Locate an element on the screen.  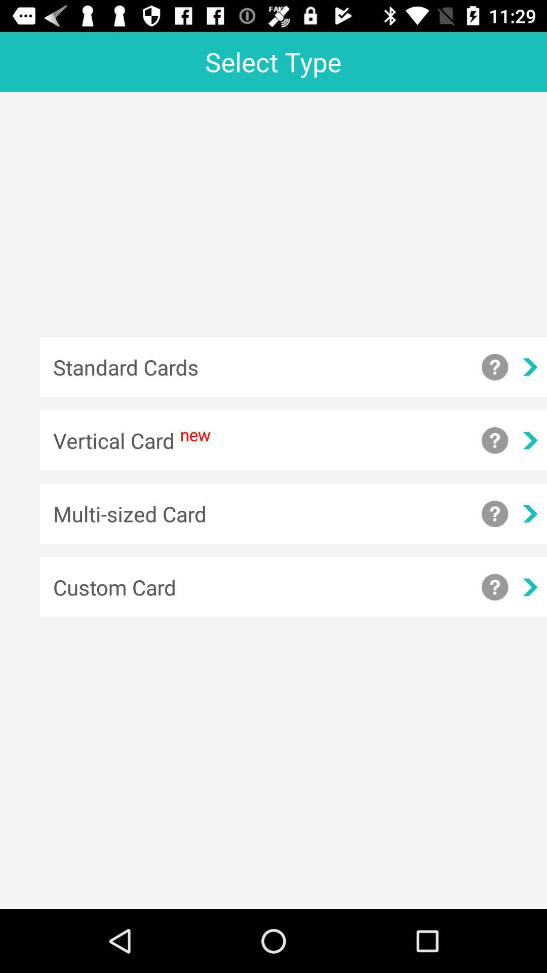
for help is located at coordinates (494, 440).